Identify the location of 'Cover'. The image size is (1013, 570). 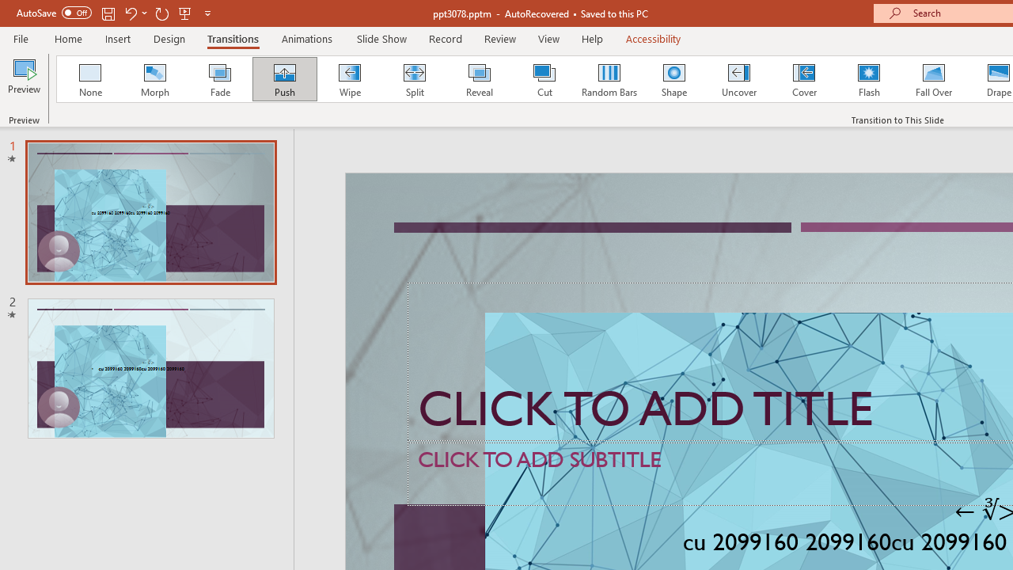
(804, 79).